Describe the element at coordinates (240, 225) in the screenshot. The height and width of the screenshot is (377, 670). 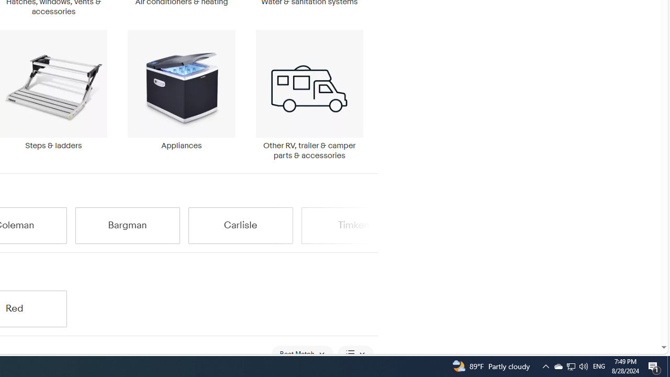
I see `'Carlisle'` at that location.